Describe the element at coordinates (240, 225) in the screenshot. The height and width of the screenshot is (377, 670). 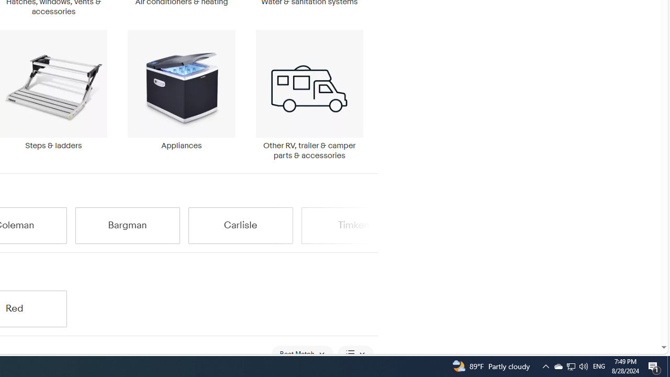
I see `'Carlisle'` at that location.